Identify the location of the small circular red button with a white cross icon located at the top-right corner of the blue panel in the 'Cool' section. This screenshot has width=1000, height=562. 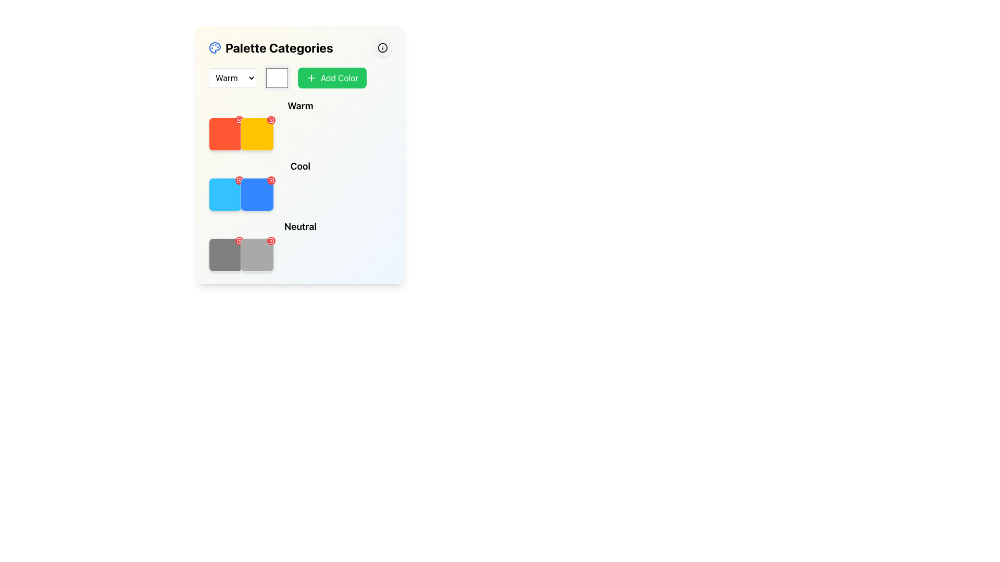
(271, 180).